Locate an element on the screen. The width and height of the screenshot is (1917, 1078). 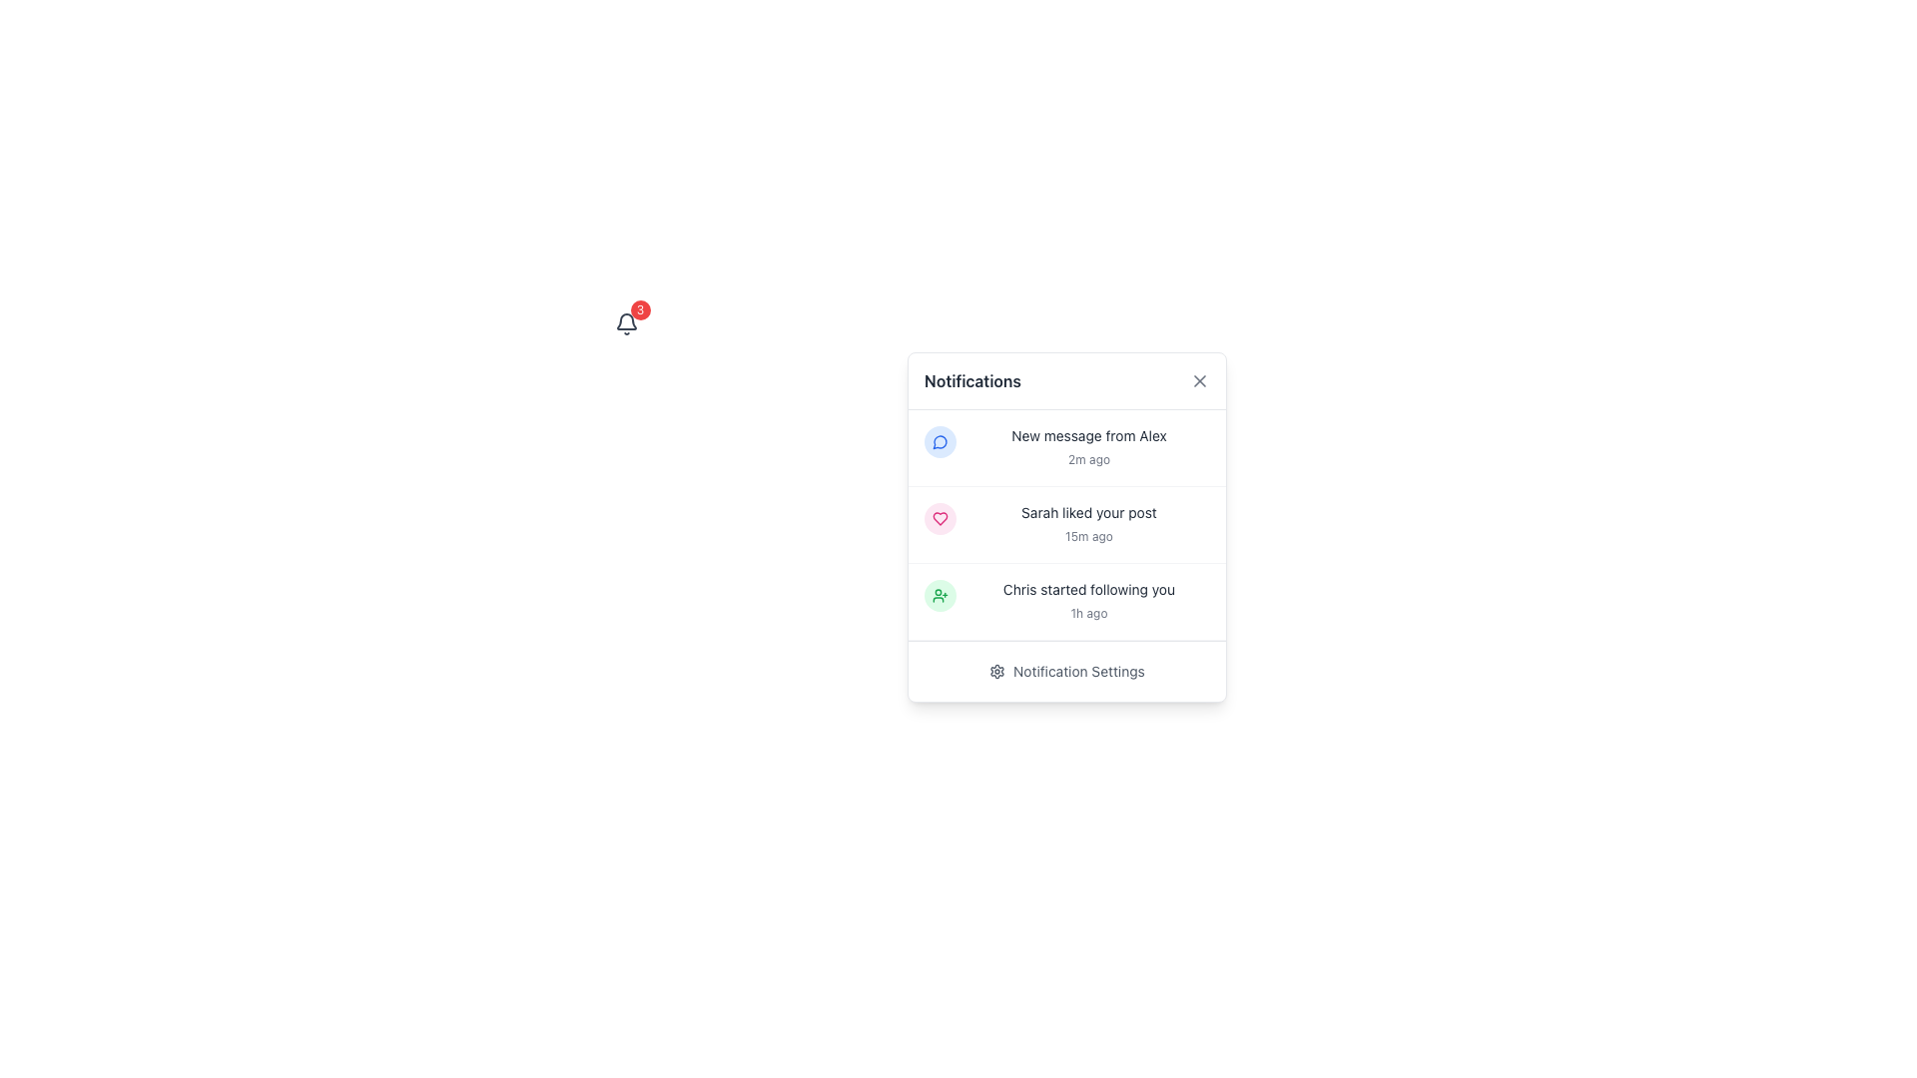
the notification toggle button located at the top of the notification dropdown area is located at coordinates (625, 322).